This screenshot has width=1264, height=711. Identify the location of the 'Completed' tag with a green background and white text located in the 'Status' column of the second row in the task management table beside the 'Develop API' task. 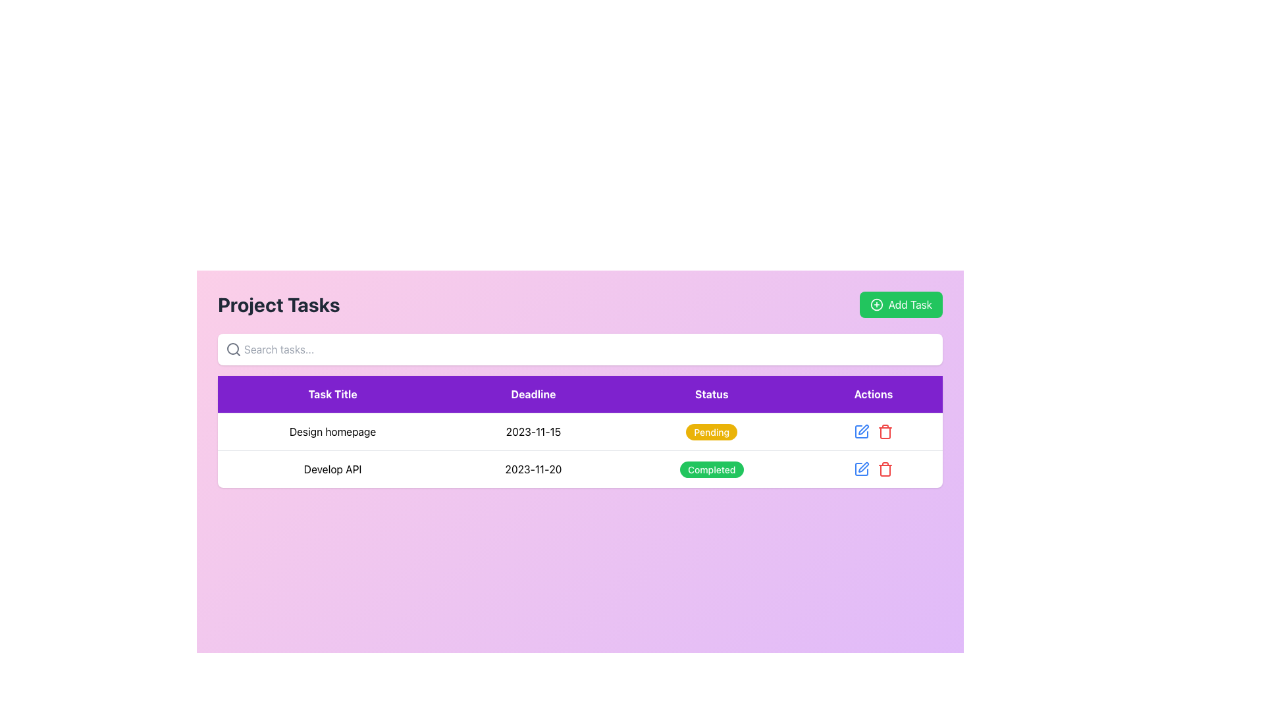
(711, 469).